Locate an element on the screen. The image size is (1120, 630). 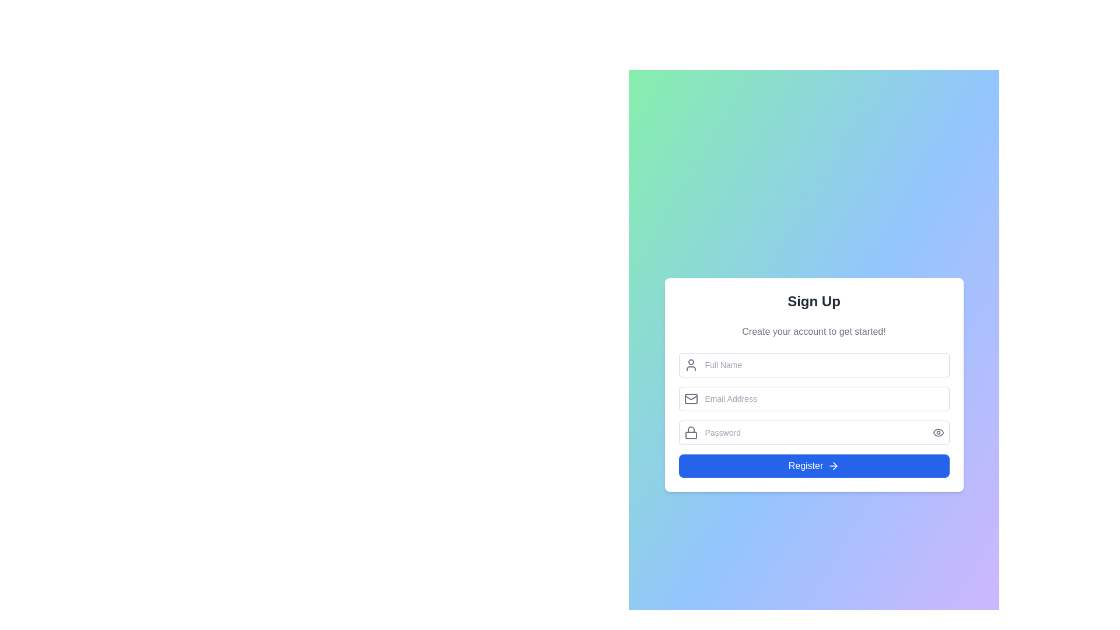
the email address input field used for registration, located in the 'Sign Up' section, which is the second input field in the vertical form layout is located at coordinates (813, 398).